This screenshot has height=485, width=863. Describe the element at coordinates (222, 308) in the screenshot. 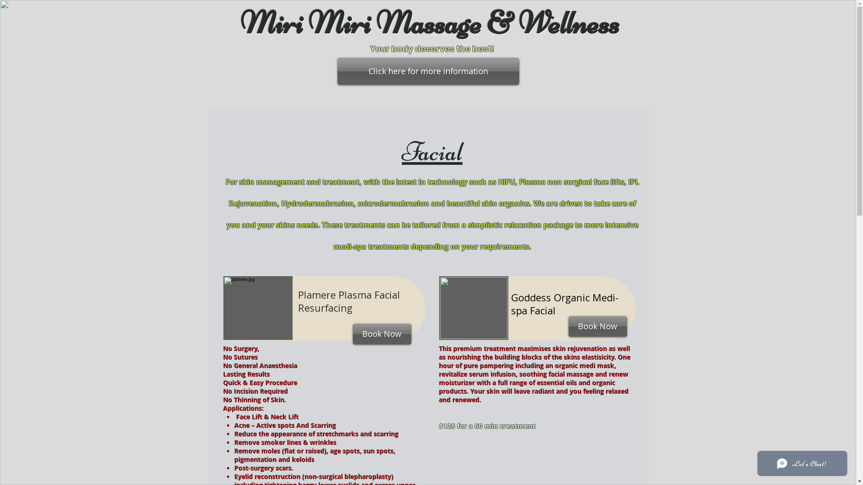

I see `'goddess organic medi.jpg'` at that location.